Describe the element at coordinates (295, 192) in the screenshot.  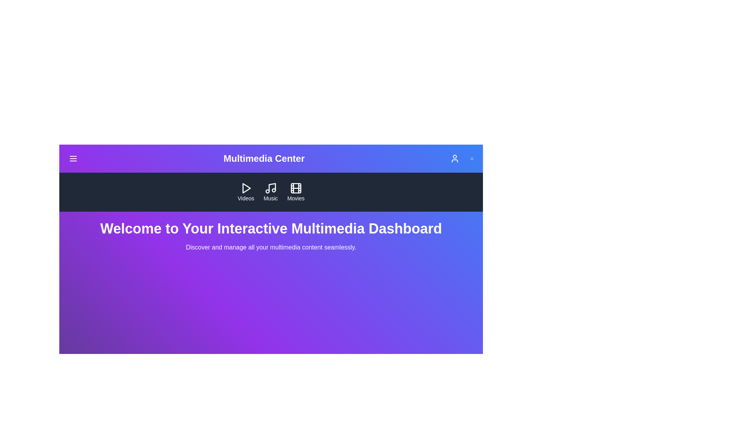
I see `the Movies button to navigate to the Movies section` at that location.